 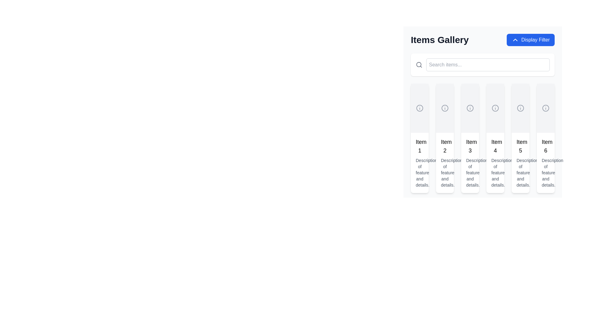 What do you see at coordinates (520, 108) in the screenshot?
I see `the informational icon located in the upper section of the tile labeled 'Item 5'` at bounding box center [520, 108].